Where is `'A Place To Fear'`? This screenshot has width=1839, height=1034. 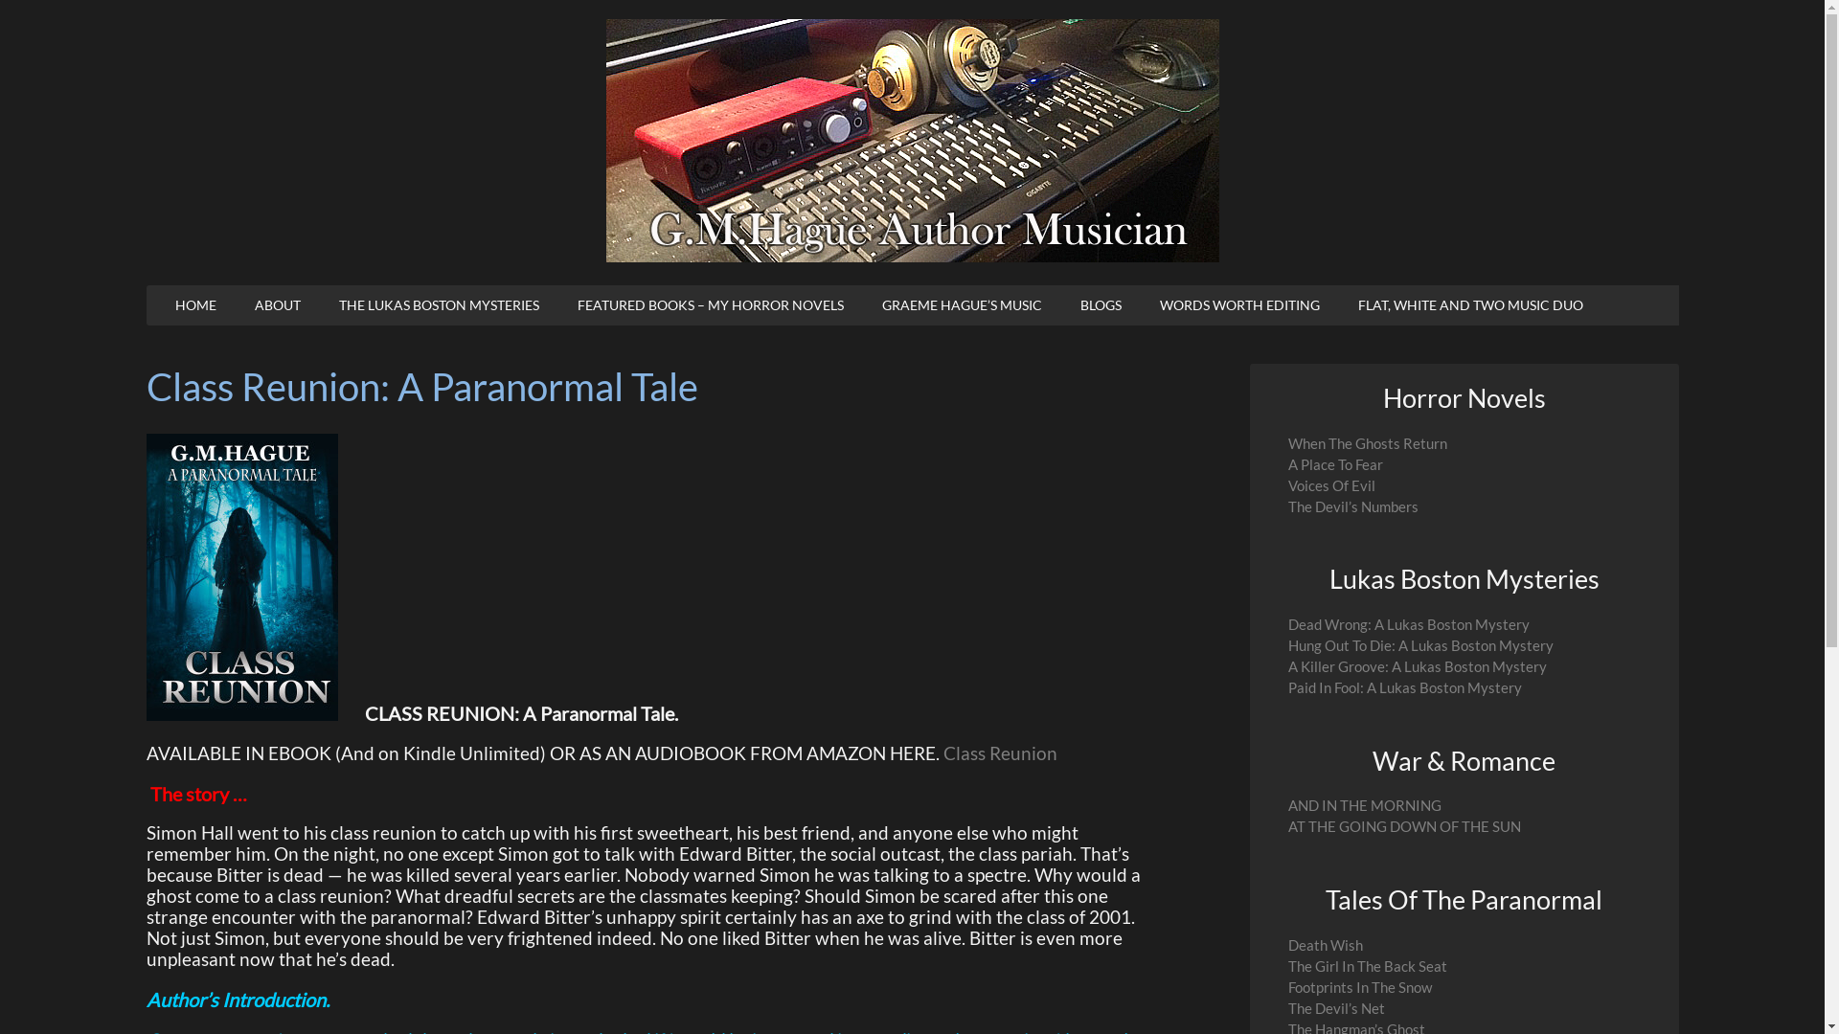 'A Place To Fear' is located at coordinates (1333, 464).